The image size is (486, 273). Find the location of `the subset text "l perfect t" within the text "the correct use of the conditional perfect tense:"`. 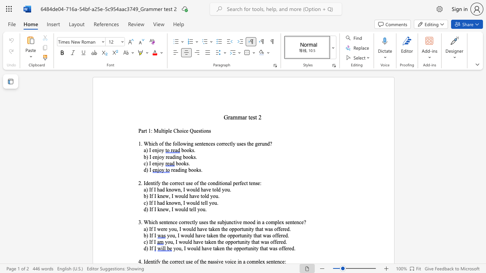

the subset text "l perfect t" within the text "the correct use of the conditional perfect tense:" is located at coordinates (230, 183).